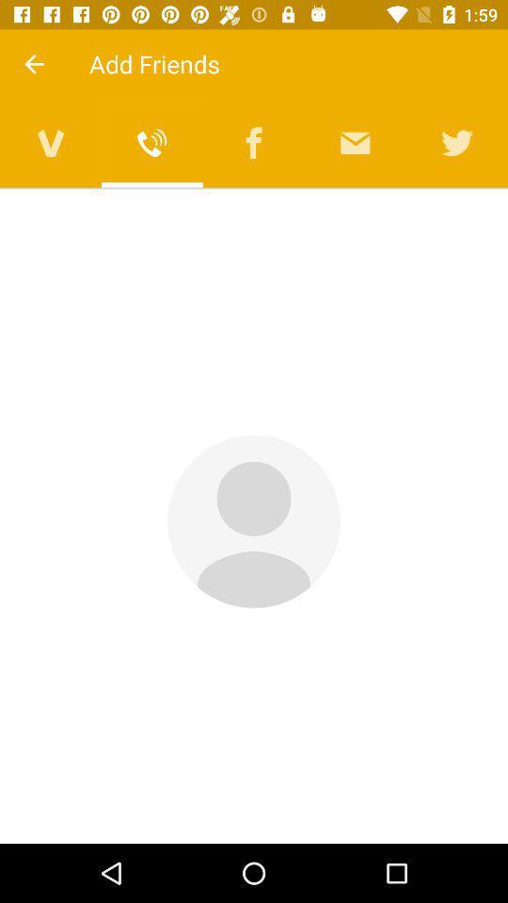  What do you see at coordinates (356, 142) in the screenshot?
I see `the email icon` at bounding box center [356, 142].